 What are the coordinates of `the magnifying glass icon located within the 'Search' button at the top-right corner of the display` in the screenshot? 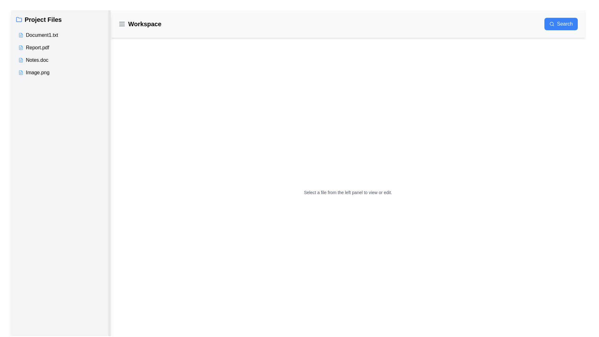 It's located at (552, 24).